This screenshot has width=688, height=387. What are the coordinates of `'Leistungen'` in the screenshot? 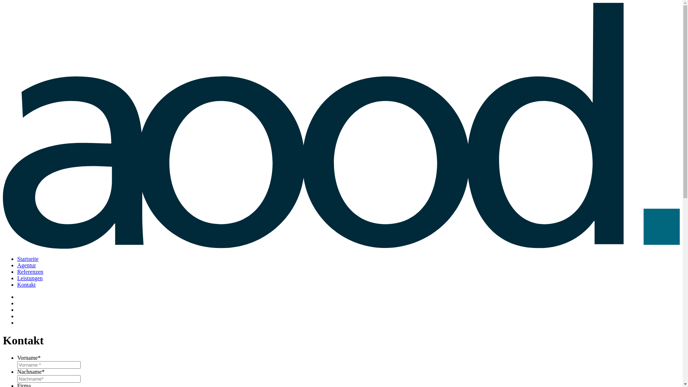 It's located at (29, 278).